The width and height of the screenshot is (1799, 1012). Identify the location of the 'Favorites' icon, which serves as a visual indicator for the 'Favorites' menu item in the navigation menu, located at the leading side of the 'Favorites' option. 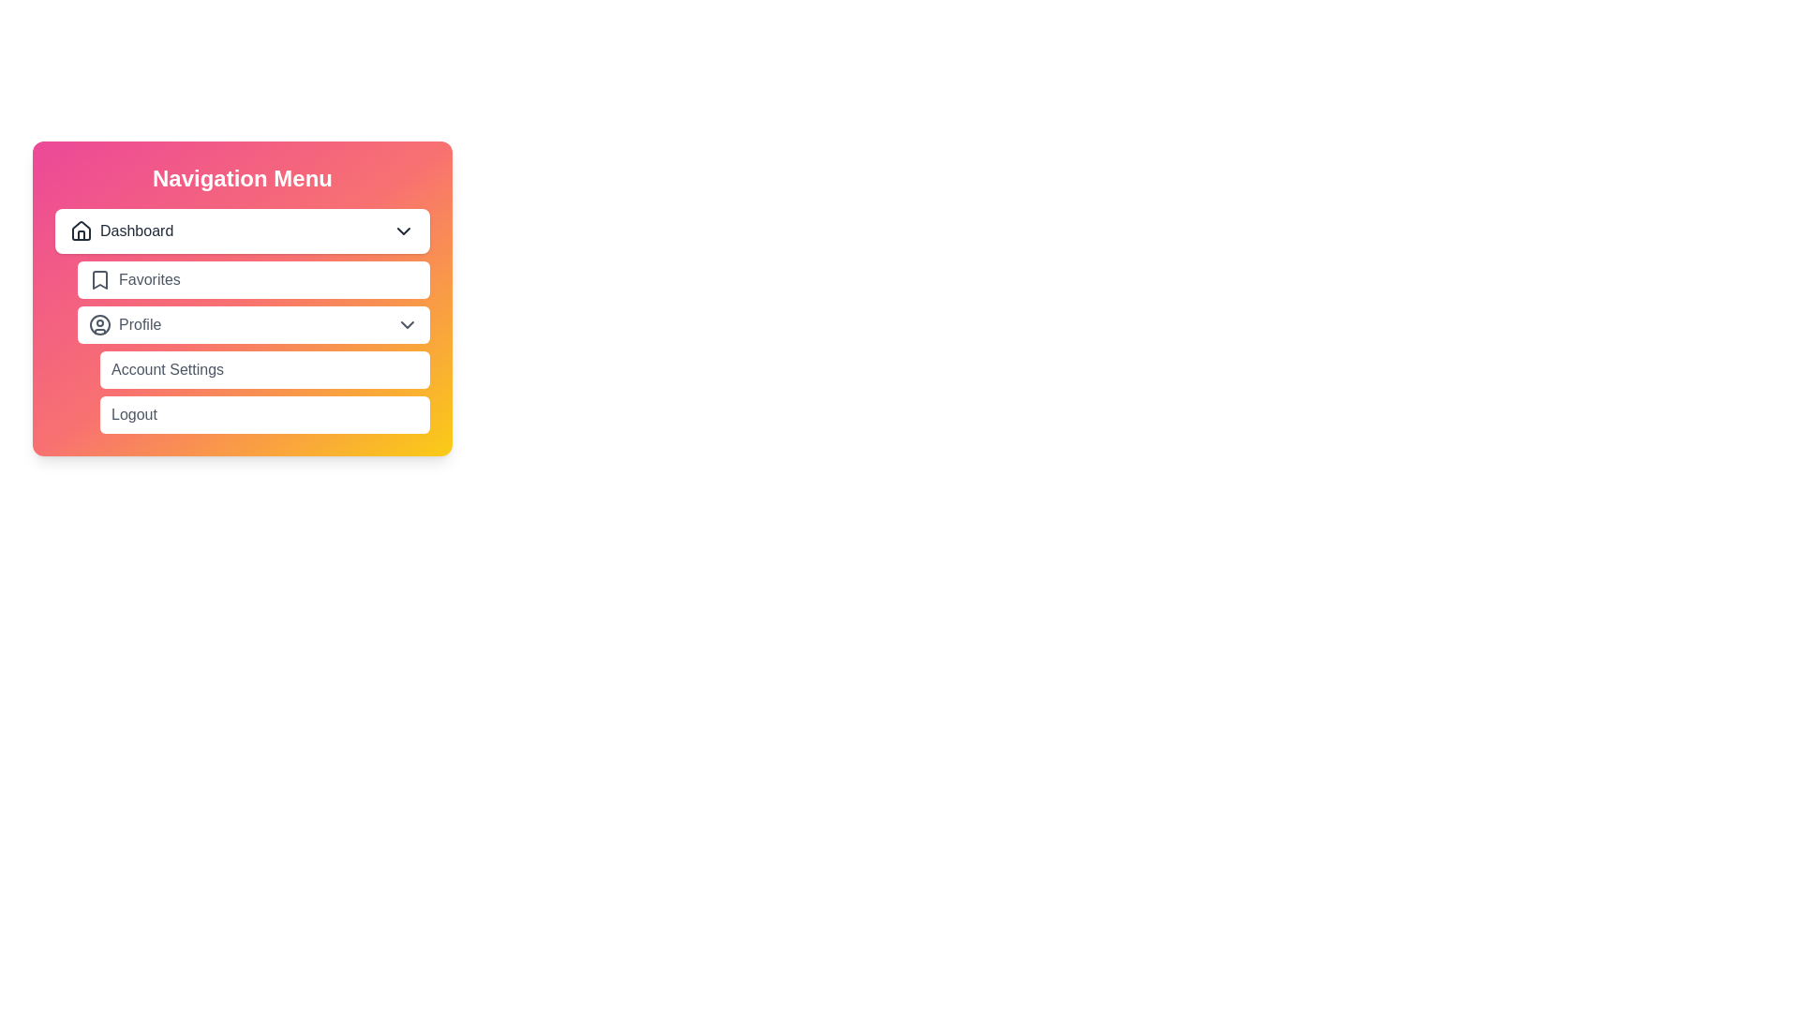
(98, 280).